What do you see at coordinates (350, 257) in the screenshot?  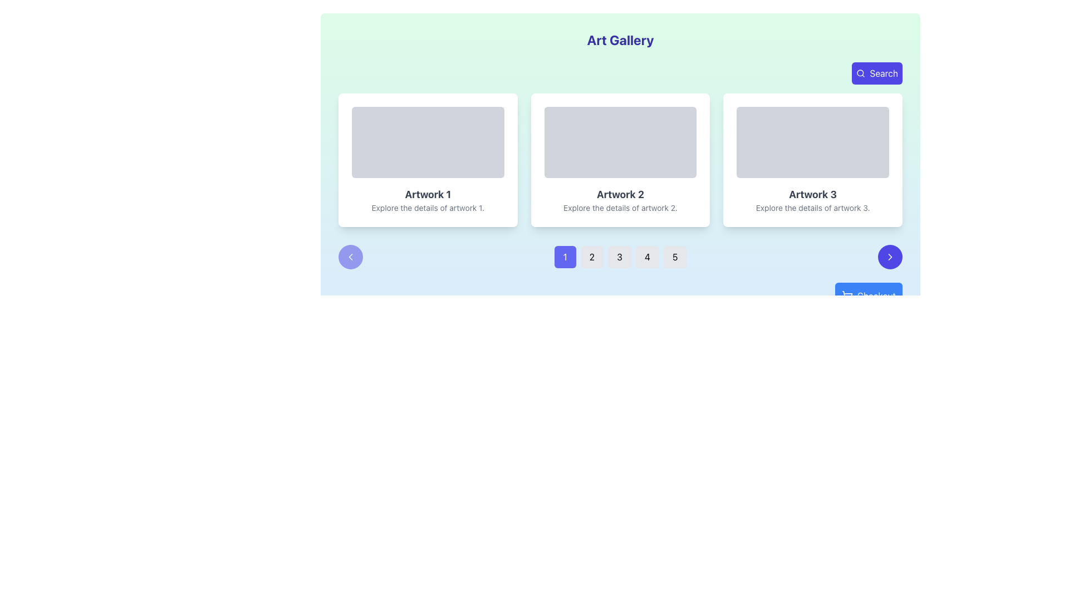 I see `the Chevron Icon located in the bottom left corner of the interface` at bounding box center [350, 257].